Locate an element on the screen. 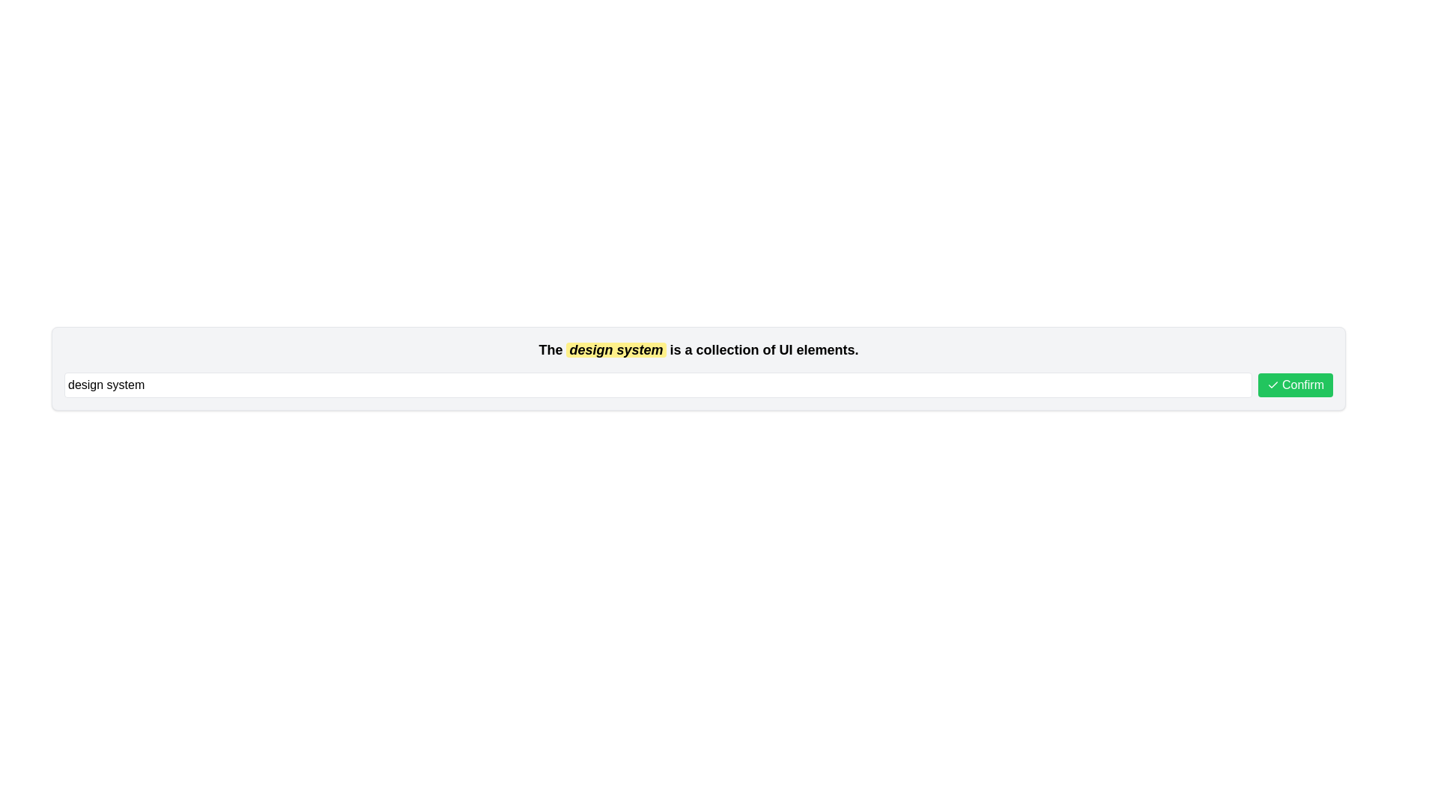 Image resolution: width=1438 pixels, height=808 pixels. the 'Confirm' text which is displayed in bold white color inside a green rounded rectangular button located at the right end of the toolbar is located at coordinates (1302, 385).